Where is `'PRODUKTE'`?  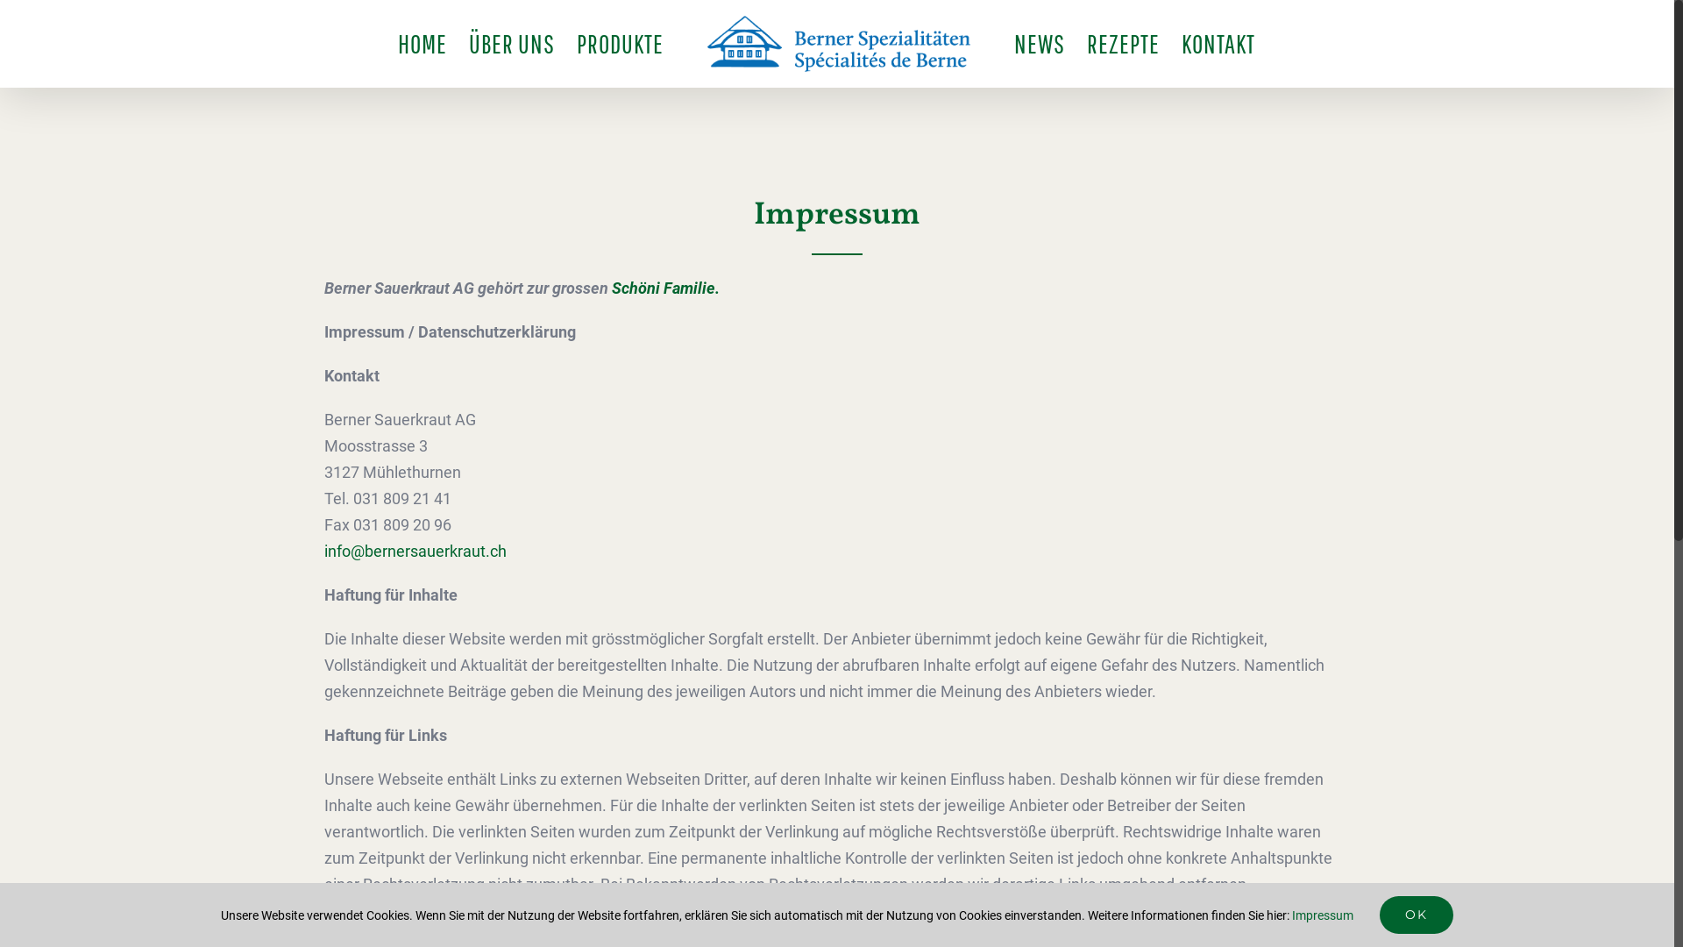
'PRODUKTE' is located at coordinates (620, 43).